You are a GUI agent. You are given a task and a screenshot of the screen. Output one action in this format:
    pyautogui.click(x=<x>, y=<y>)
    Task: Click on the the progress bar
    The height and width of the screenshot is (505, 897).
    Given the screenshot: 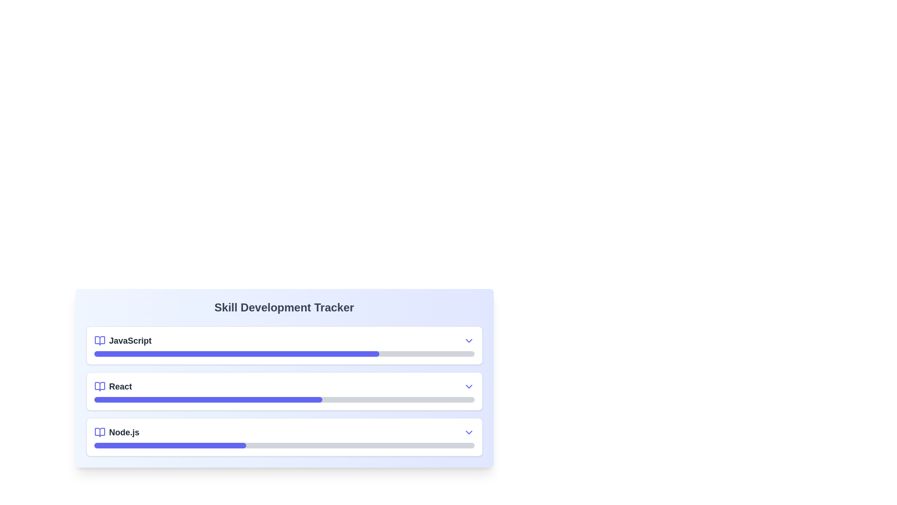 What is the action you would take?
    pyautogui.click(x=143, y=445)
    